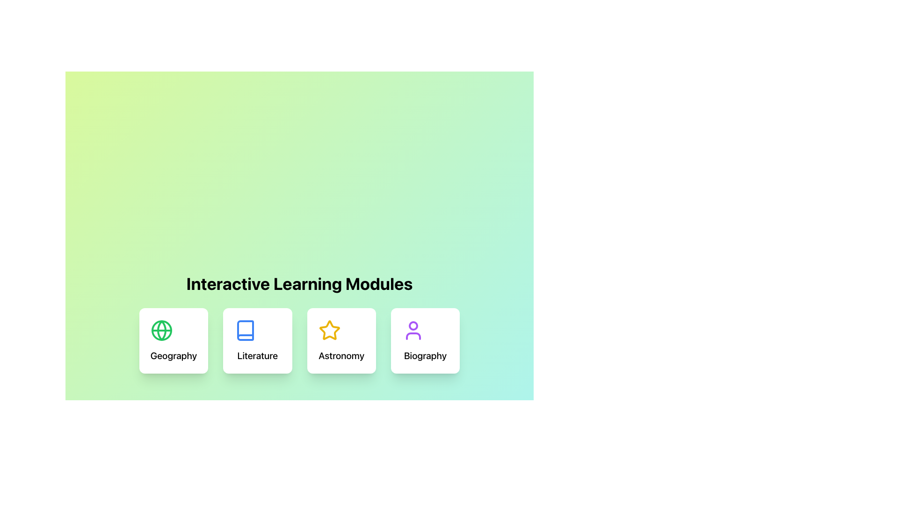 The width and height of the screenshot is (898, 505). Describe the element at coordinates (413, 325) in the screenshot. I see `the circular element representing the head of a user figure in the SVG located in the 'Biography' section` at that location.